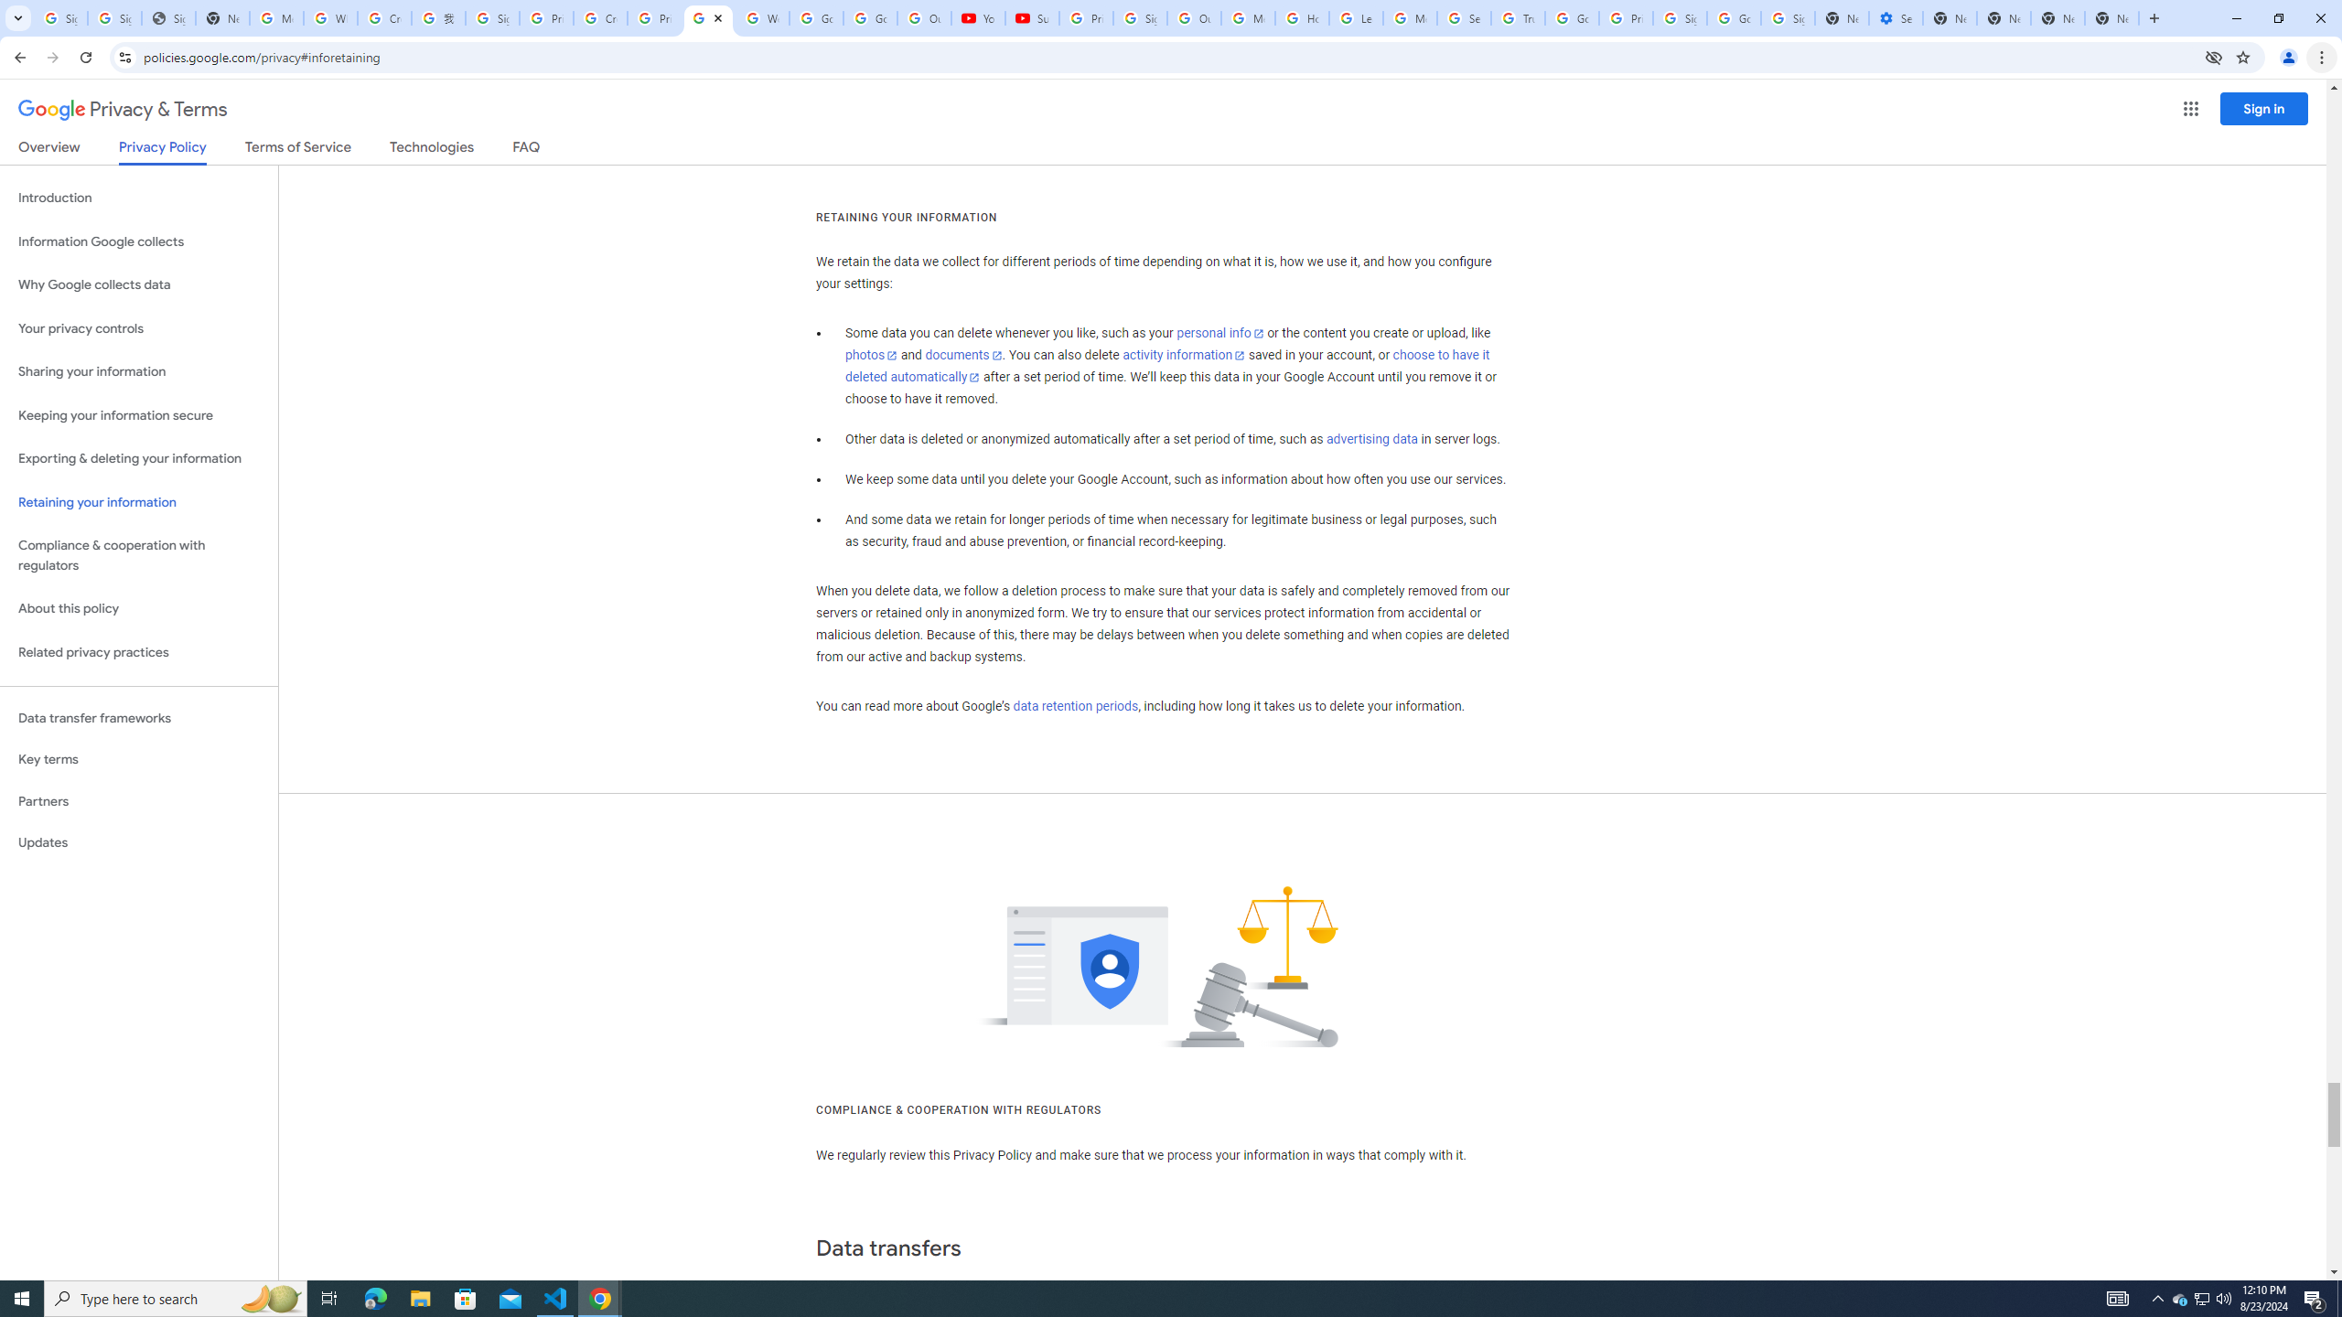 The width and height of the screenshot is (2342, 1317). I want to click on 'personal info', so click(1219, 333).